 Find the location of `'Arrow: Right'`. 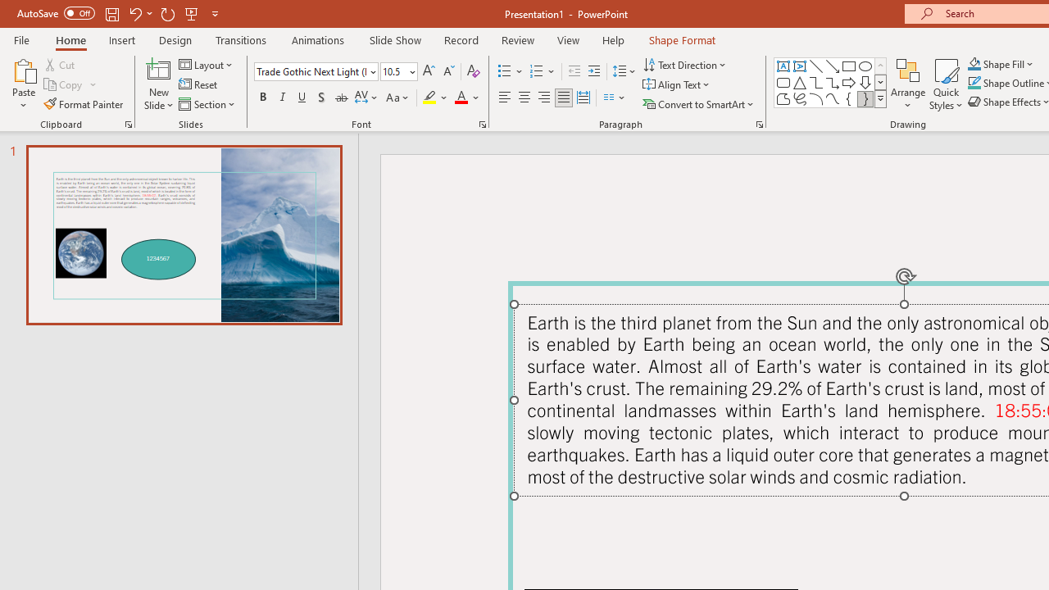

'Arrow: Right' is located at coordinates (849, 82).